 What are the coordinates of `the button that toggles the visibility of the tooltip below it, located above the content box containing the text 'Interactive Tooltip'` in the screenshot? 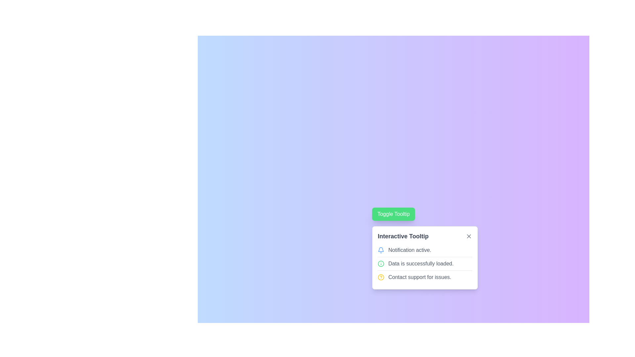 It's located at (394, 214).